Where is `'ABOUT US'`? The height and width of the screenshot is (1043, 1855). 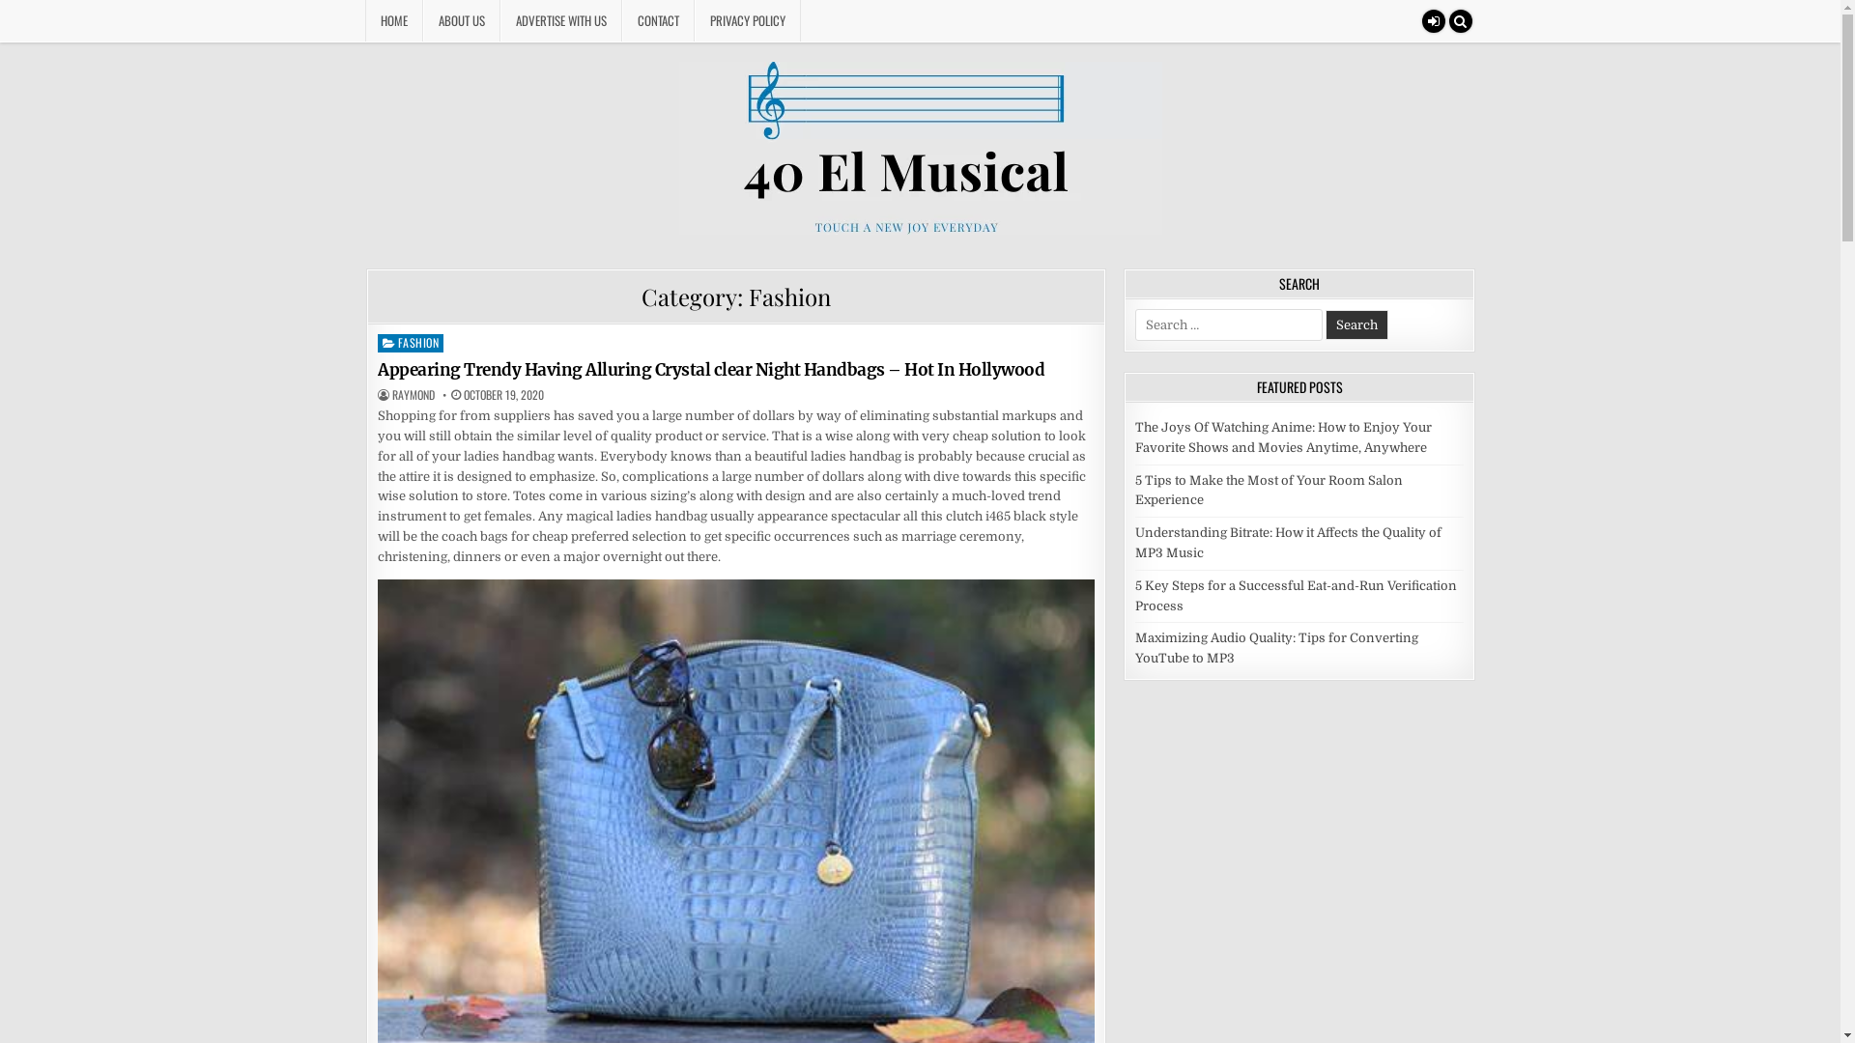 'ABOUT US' is located at coordinates (461, 20).